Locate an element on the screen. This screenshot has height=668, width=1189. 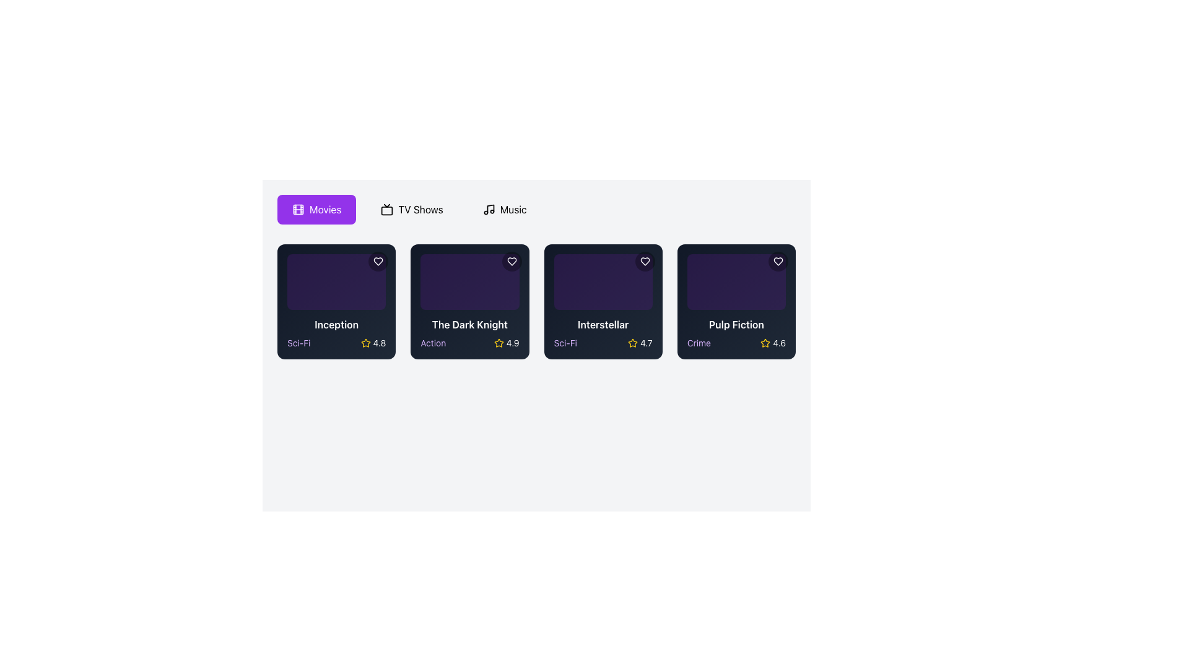
the yellow star icon representing the rating for the 'Interstellar' movie, which is located to the left of the text '4.7' is located at coordinates (633, 343).